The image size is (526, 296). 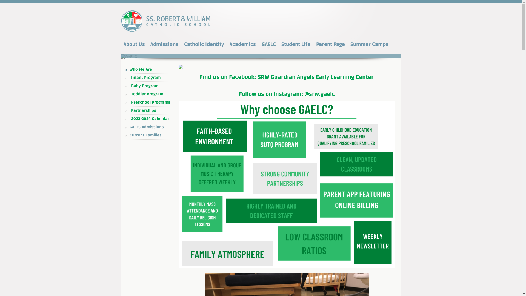 I want to click on 'Partnerships', so click(x=150, y=111).